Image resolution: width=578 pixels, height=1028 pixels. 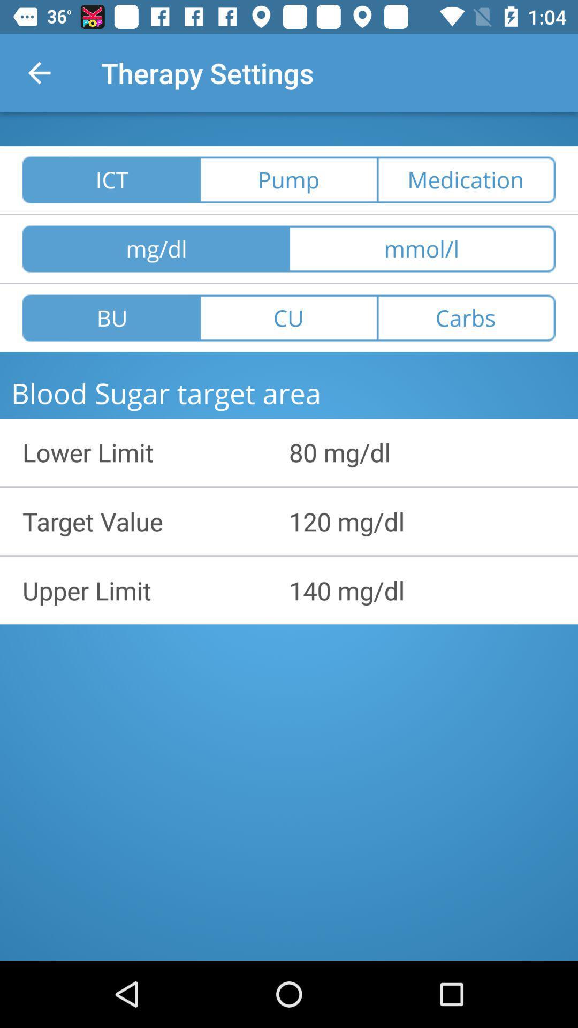 What do you see at coordinates (288, 180) in the screenshot?
I see `the icon next to the ict icon` at bounding box center [288, 180].